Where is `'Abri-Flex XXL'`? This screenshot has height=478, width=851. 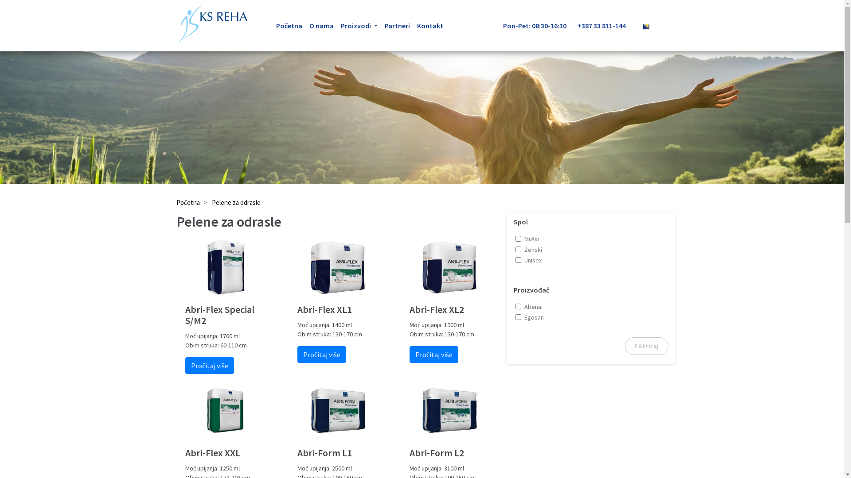
'Abri-Flex XXL' is located at coordinates (226, 453).